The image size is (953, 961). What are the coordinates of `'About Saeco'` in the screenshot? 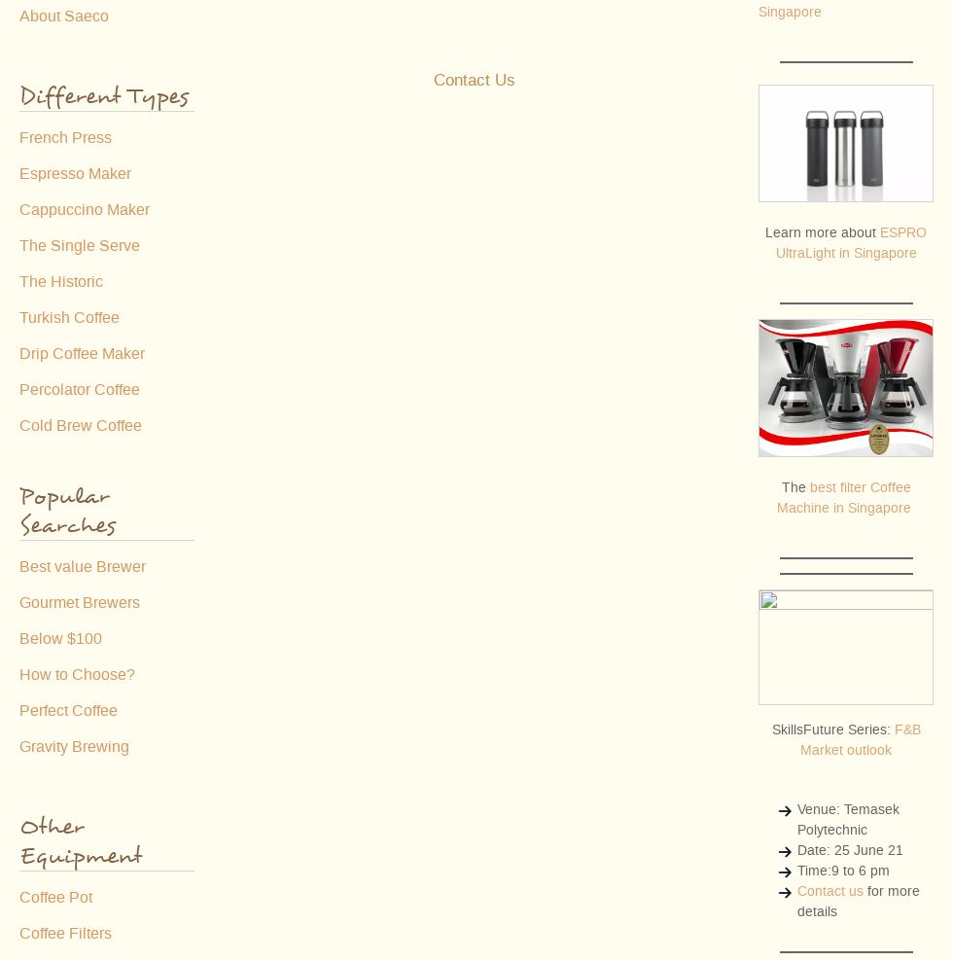 It's located at (18, 15).